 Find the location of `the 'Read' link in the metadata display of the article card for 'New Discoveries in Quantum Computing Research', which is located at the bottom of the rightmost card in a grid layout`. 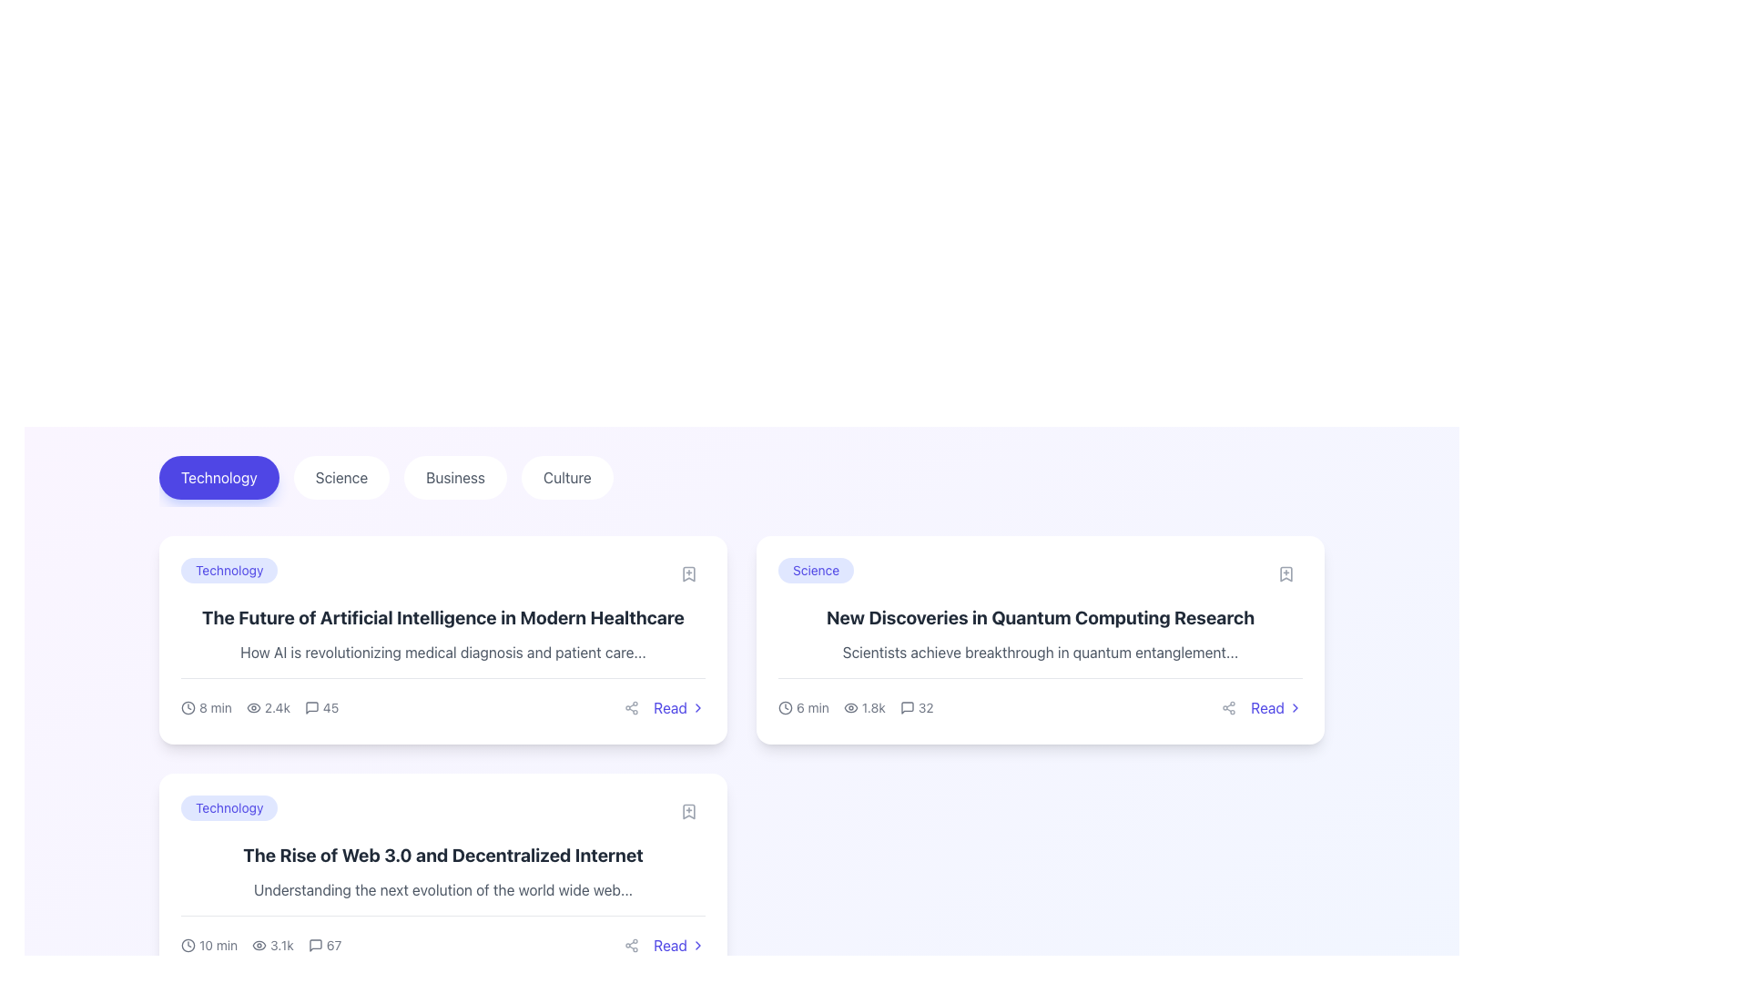

the 'Read' link in the metadata display of the article card for 'New Discoveries in Quantum Computing Research', which is located at the bottom of the rightmost card in a grid layout is located at coordinates (1040, 699).